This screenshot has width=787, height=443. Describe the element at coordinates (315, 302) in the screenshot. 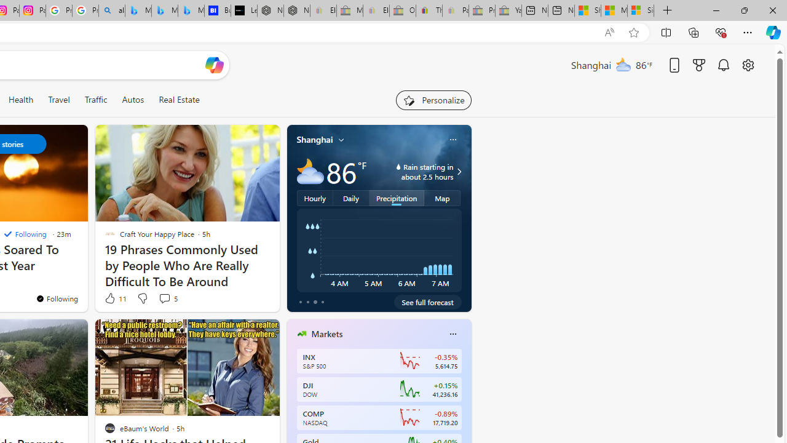

I see `'tab-2'` at that location.